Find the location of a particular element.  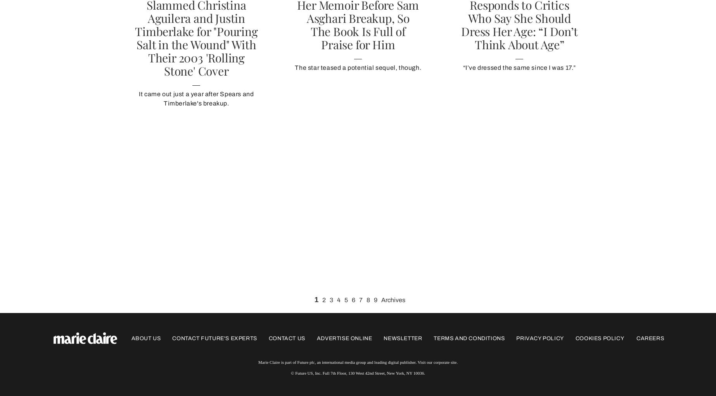

'©
Future US, Inc. Full 7th Floor, 130 West 42nd Street,
New York,
NY 10036.' is located at coordinates (291, 372).